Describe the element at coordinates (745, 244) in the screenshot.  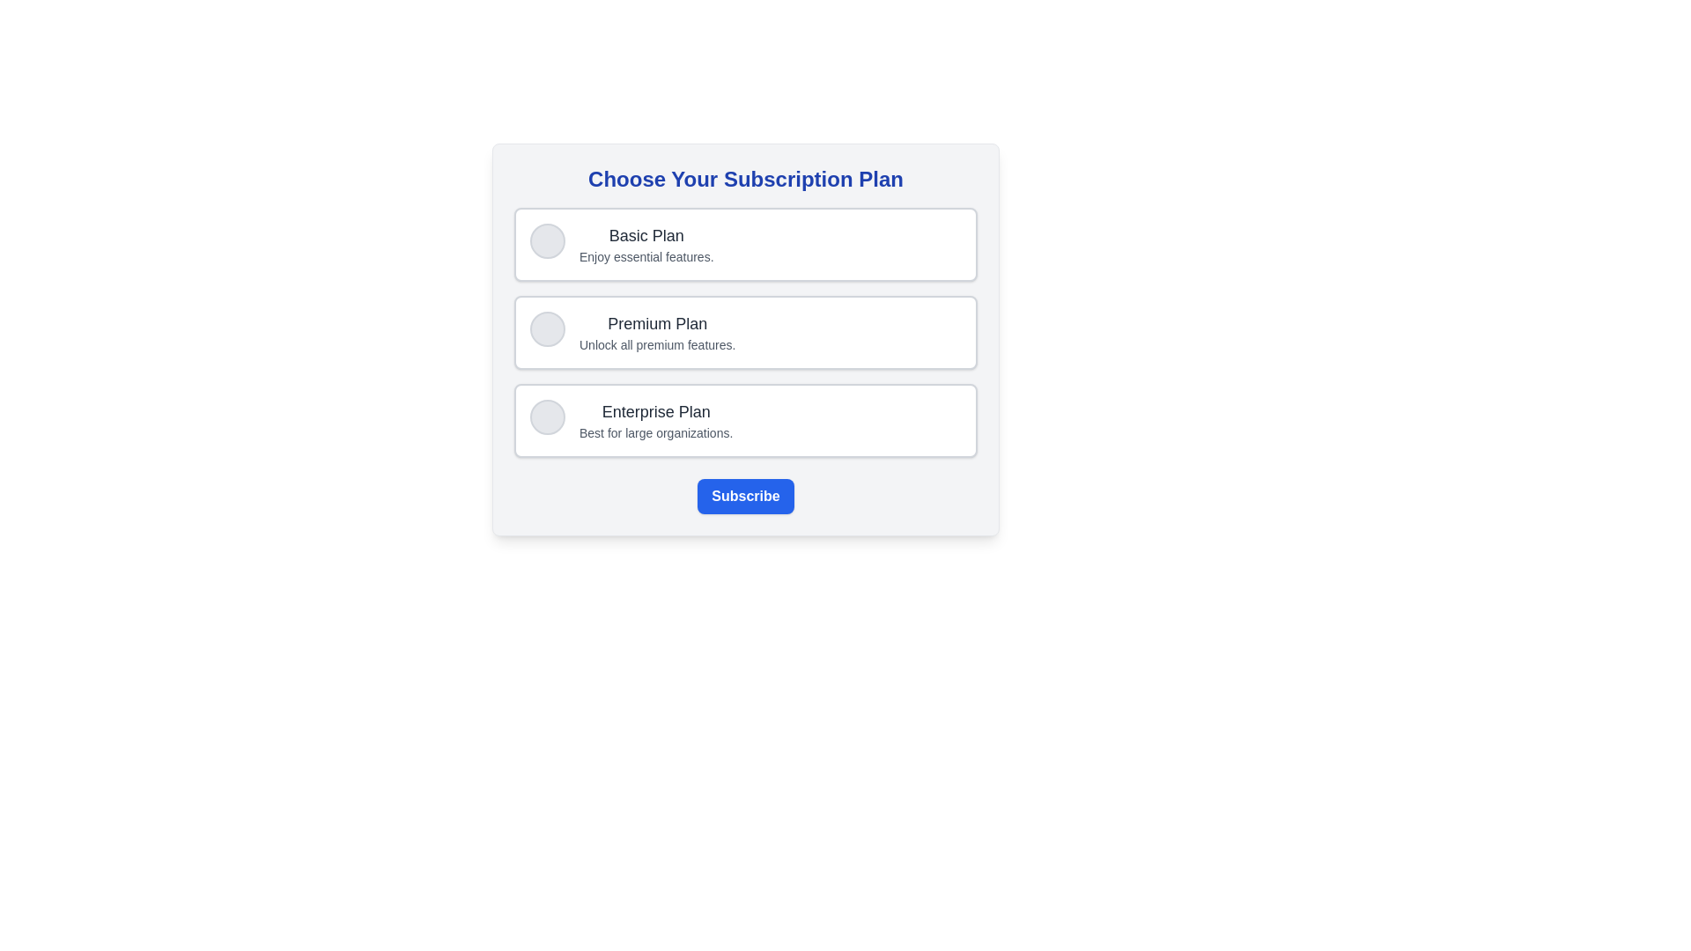
I see `the 'Basic Plan' subscription option` at that location.